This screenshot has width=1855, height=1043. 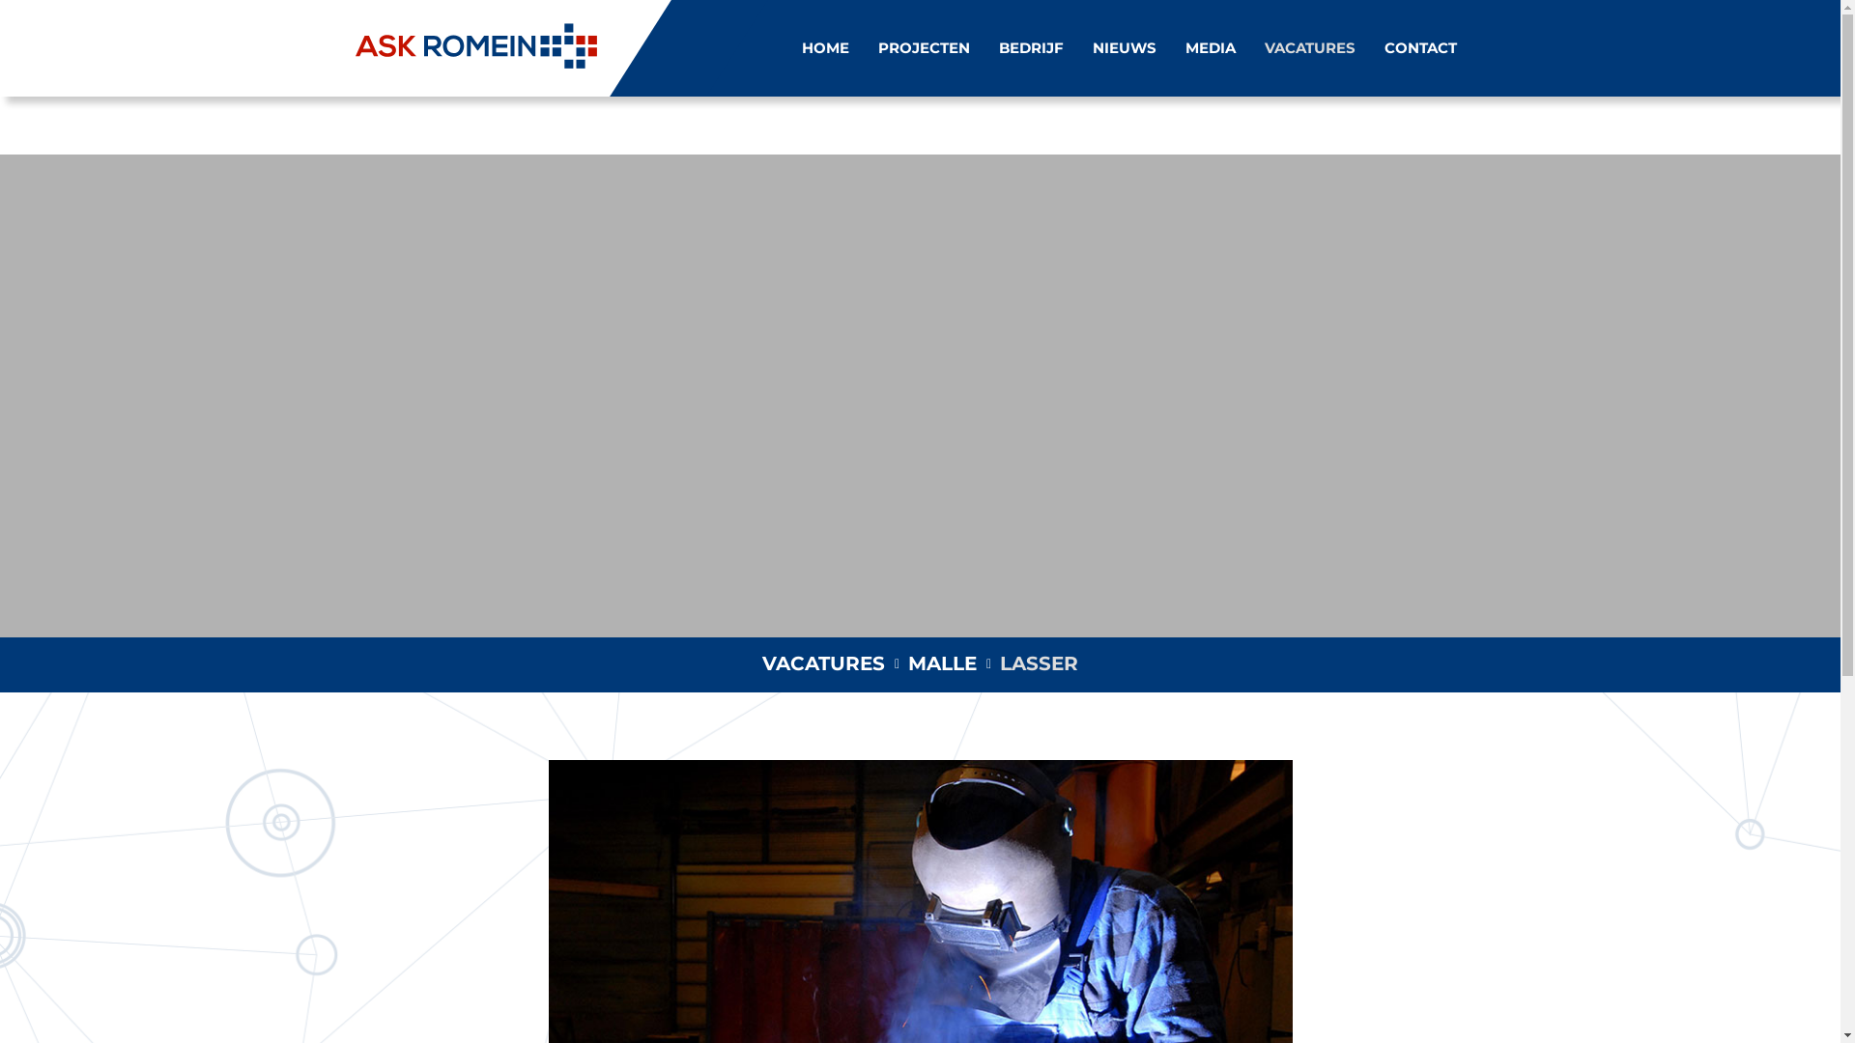 What do you see at coordinates (1038, 662) in the screenshot?
I see `'LASSER'` at bounding box center [1038, 662].